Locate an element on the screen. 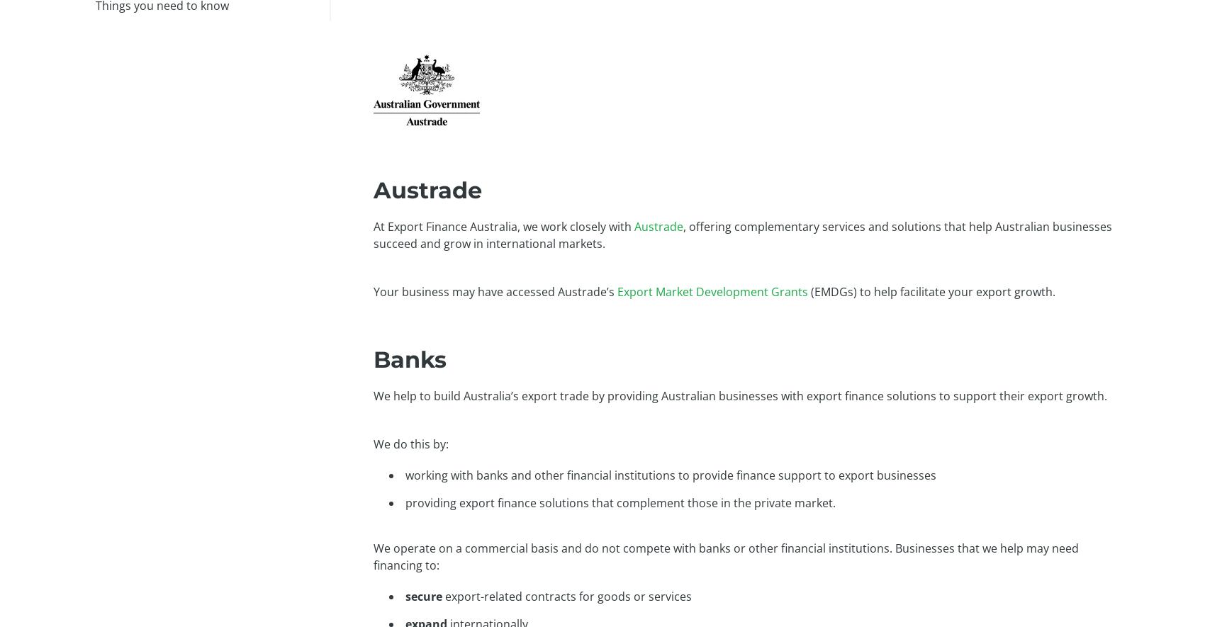  'Small Business Export Loan' is located at coordinates (481, 103).